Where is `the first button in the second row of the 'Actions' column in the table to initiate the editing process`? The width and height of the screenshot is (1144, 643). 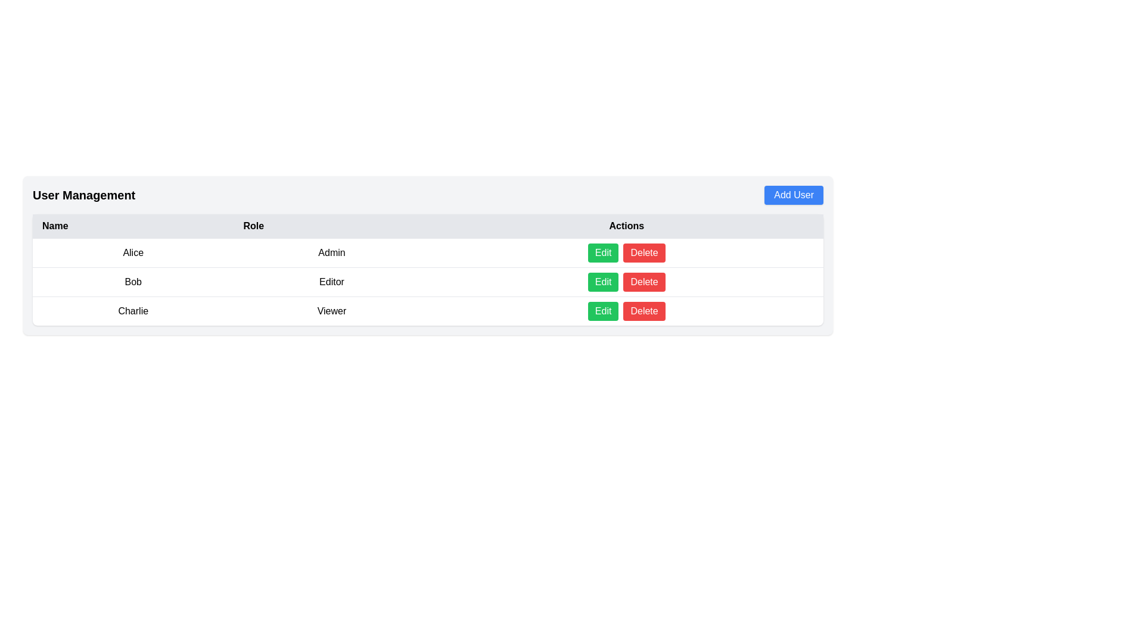 the first button in the second row of the 'Actions' column in the table to initiate the editing process is located at coordinates (603, 282).